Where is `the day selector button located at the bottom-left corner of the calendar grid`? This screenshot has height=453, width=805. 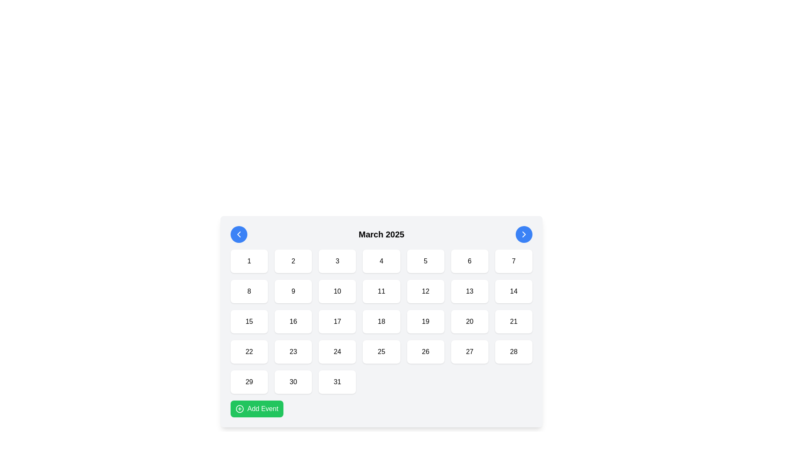
the day selector button located at the bottom-left corner of the calendar grid is located at coordinates (249, 382).